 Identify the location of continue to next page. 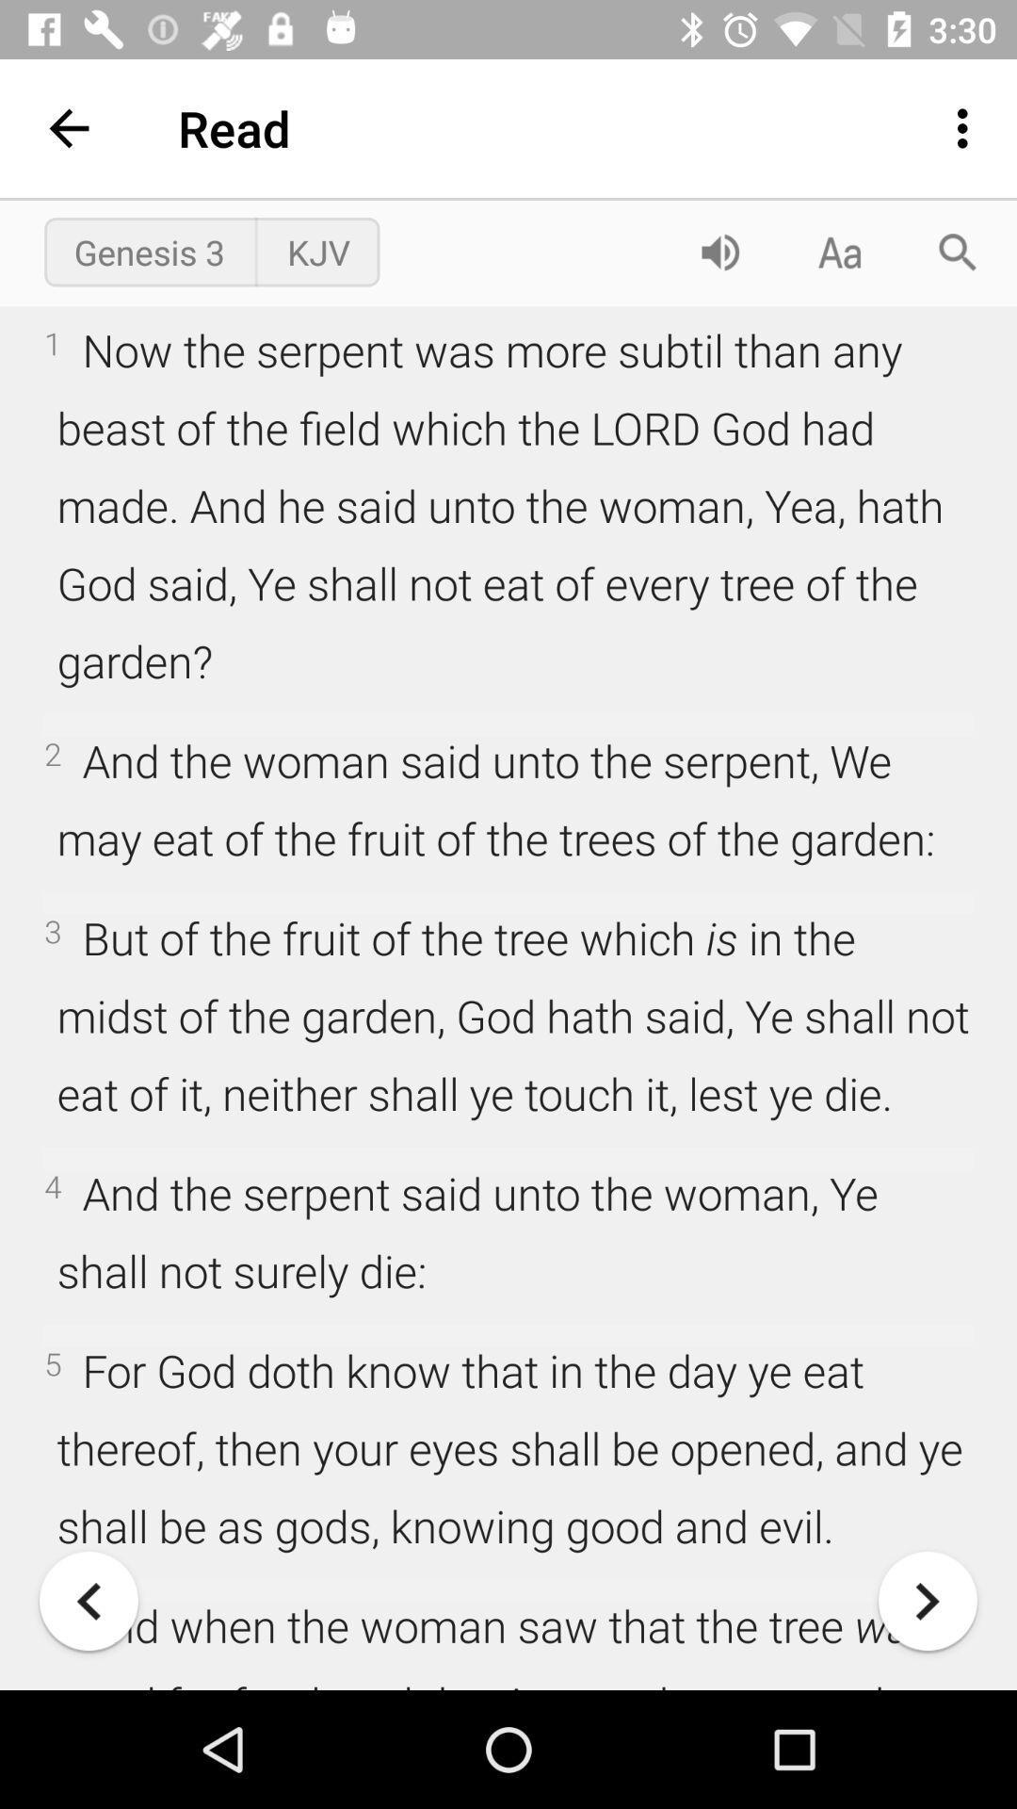
(927, 1600).